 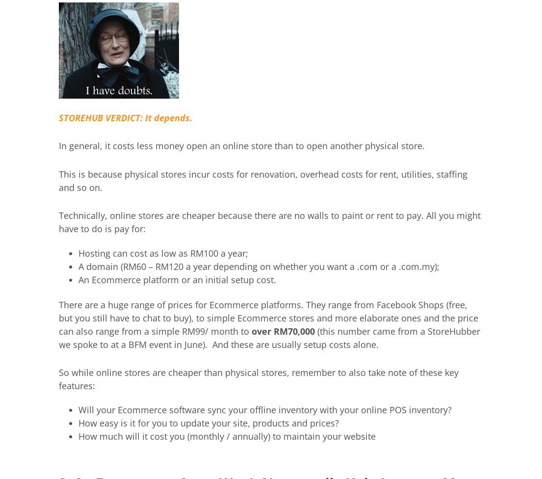 I want to click on 'Technically, online stores are cheaper because there are no walls to paint or rent to pay. All you might have to do is pay for:', so click(x=269, y=221).